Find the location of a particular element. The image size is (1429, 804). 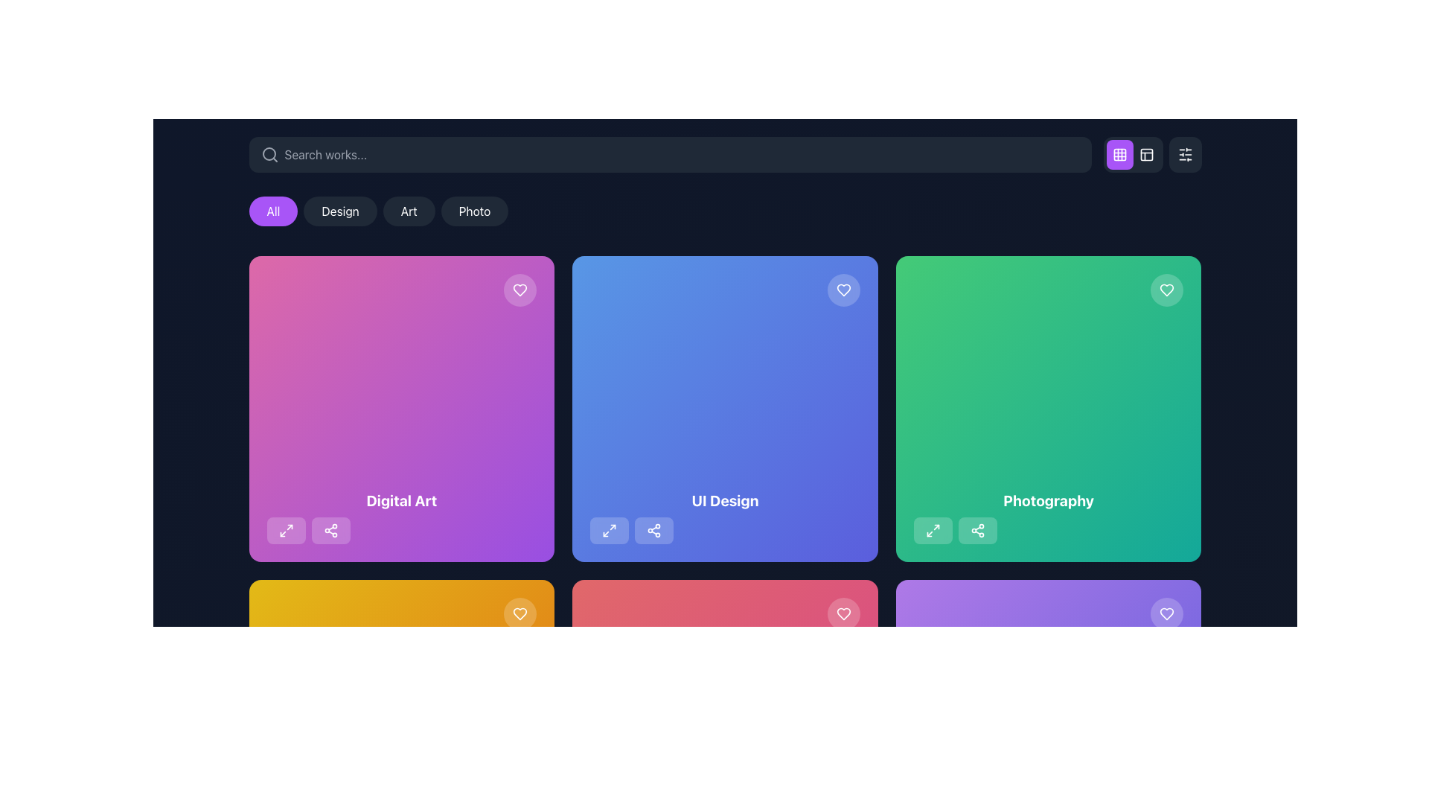

the settings button located in the top-right corner of the interface, which is the rightmost button among three horizontal buttons is located at coordinates (1184, 155).